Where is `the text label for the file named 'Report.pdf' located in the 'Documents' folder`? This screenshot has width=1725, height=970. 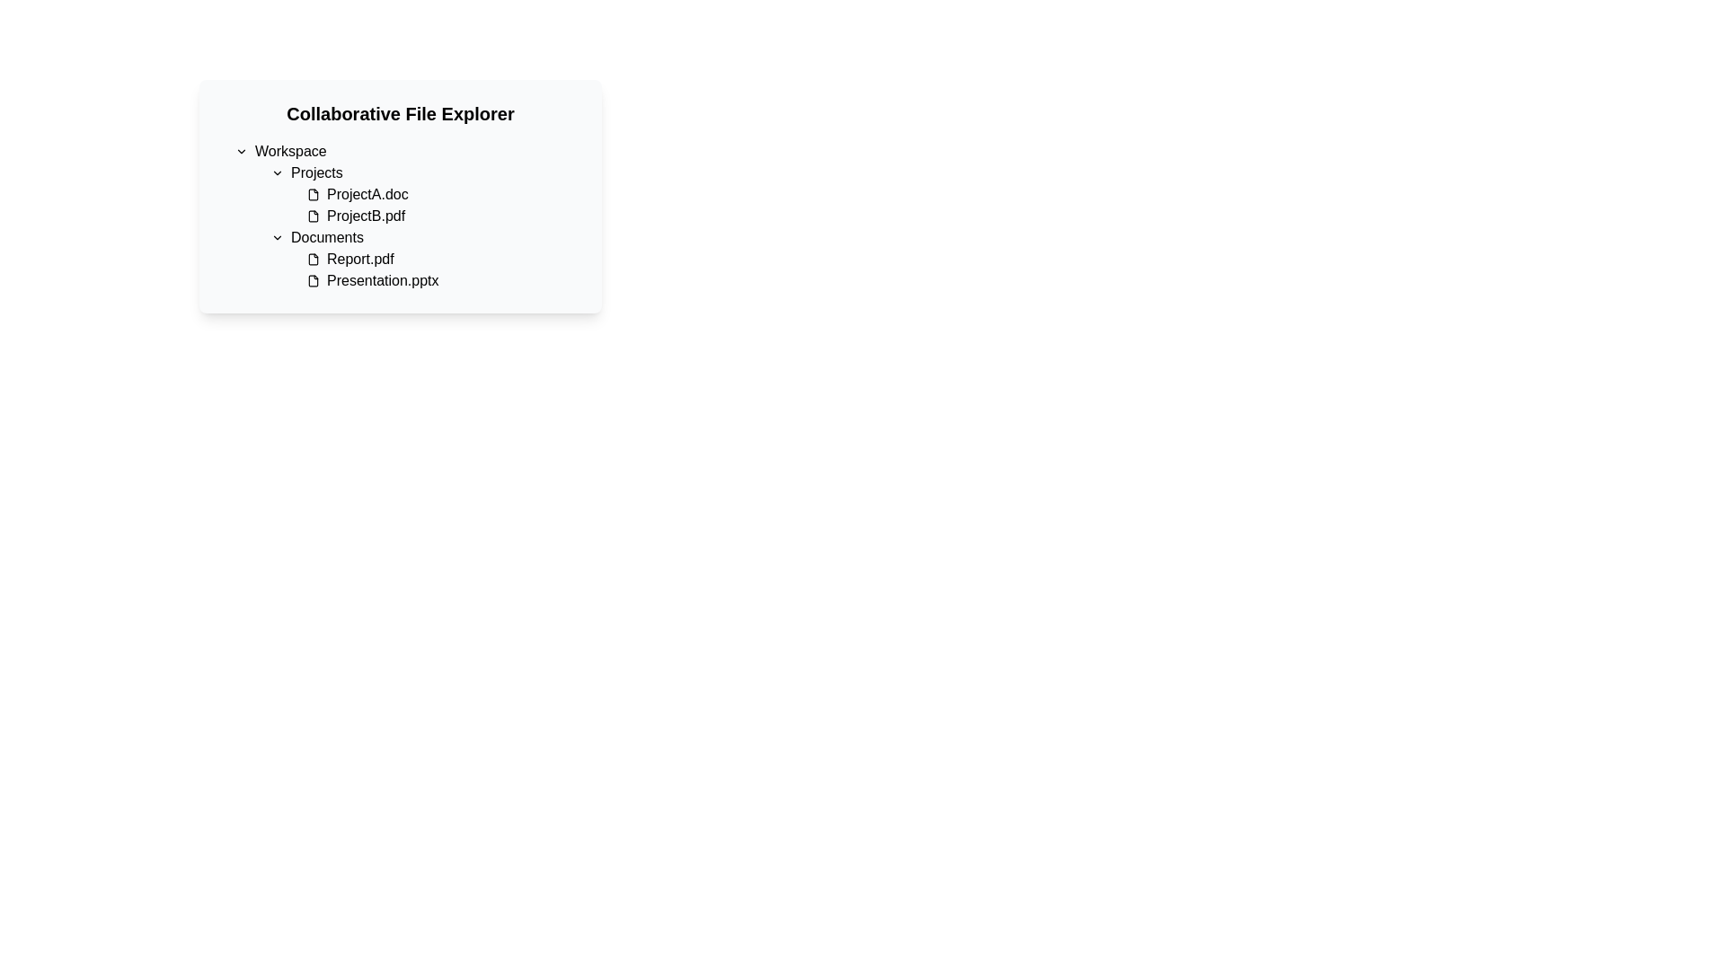
the text label for the file named 'Report.pdf' located in the 'Documents' folder is located at coordinates (359, 260).